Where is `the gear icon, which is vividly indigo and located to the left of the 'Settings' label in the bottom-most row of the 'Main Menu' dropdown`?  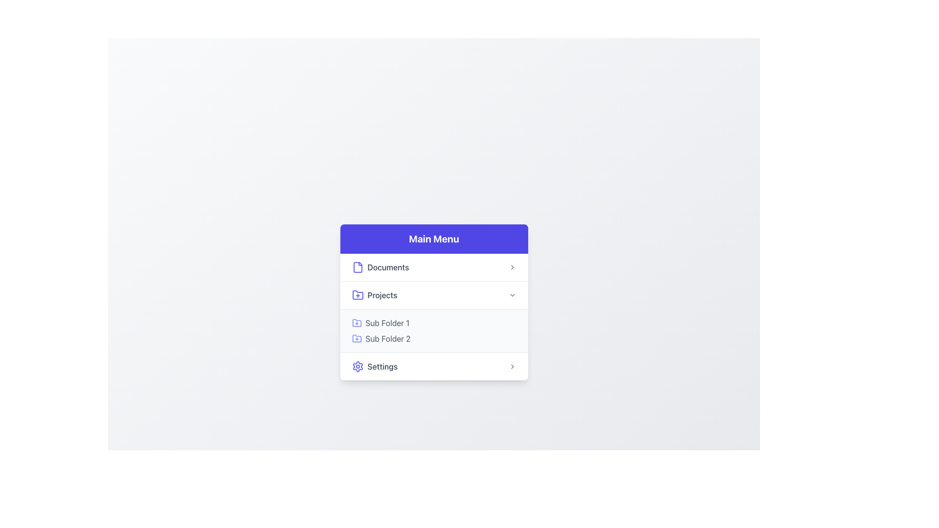 the gear icon, which is vividly indigo and located to the left of the 'Settings' label in the bottom-most row of the 'Main Menu' dropdown is located at coordinates (357, 366).